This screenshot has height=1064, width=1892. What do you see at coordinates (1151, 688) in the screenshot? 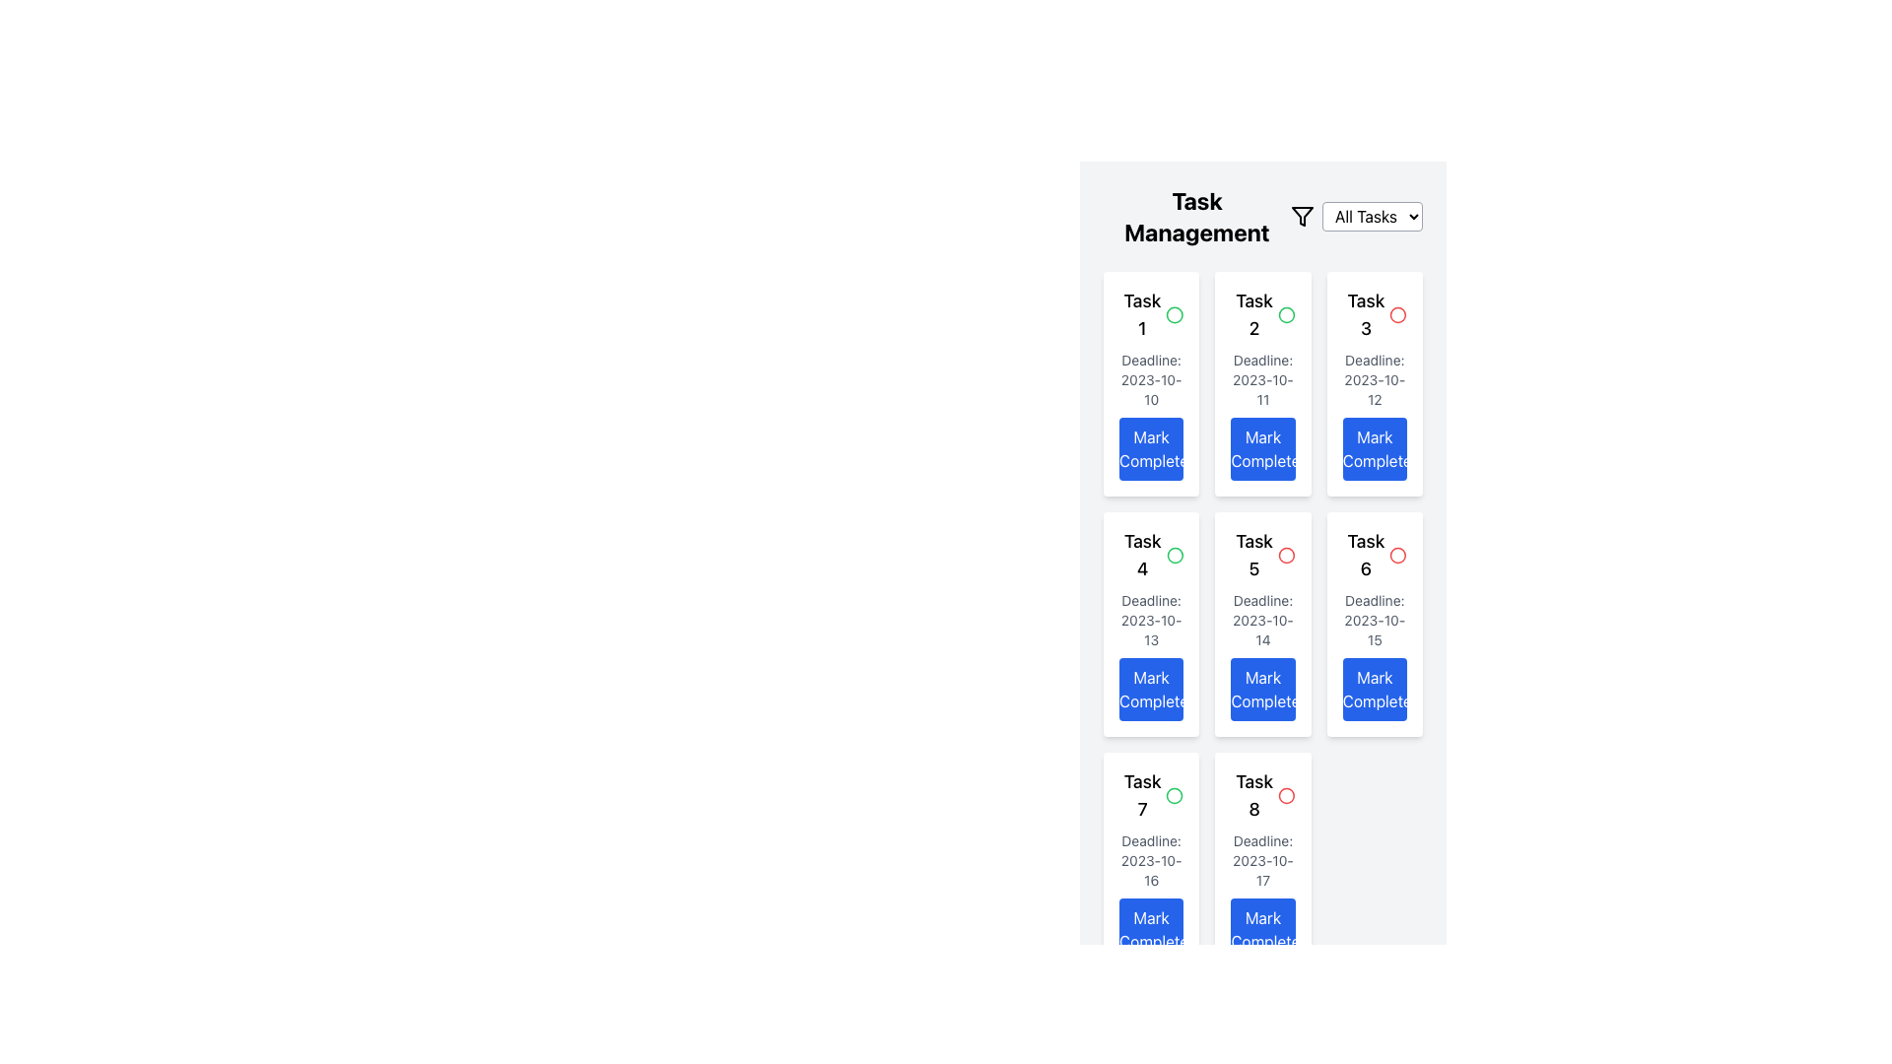
I see `the bright blue 'Mark Completed' button located at the bottom center of the 'Task 4' card to mark the task as completed` at bounding box center [1151, 688].